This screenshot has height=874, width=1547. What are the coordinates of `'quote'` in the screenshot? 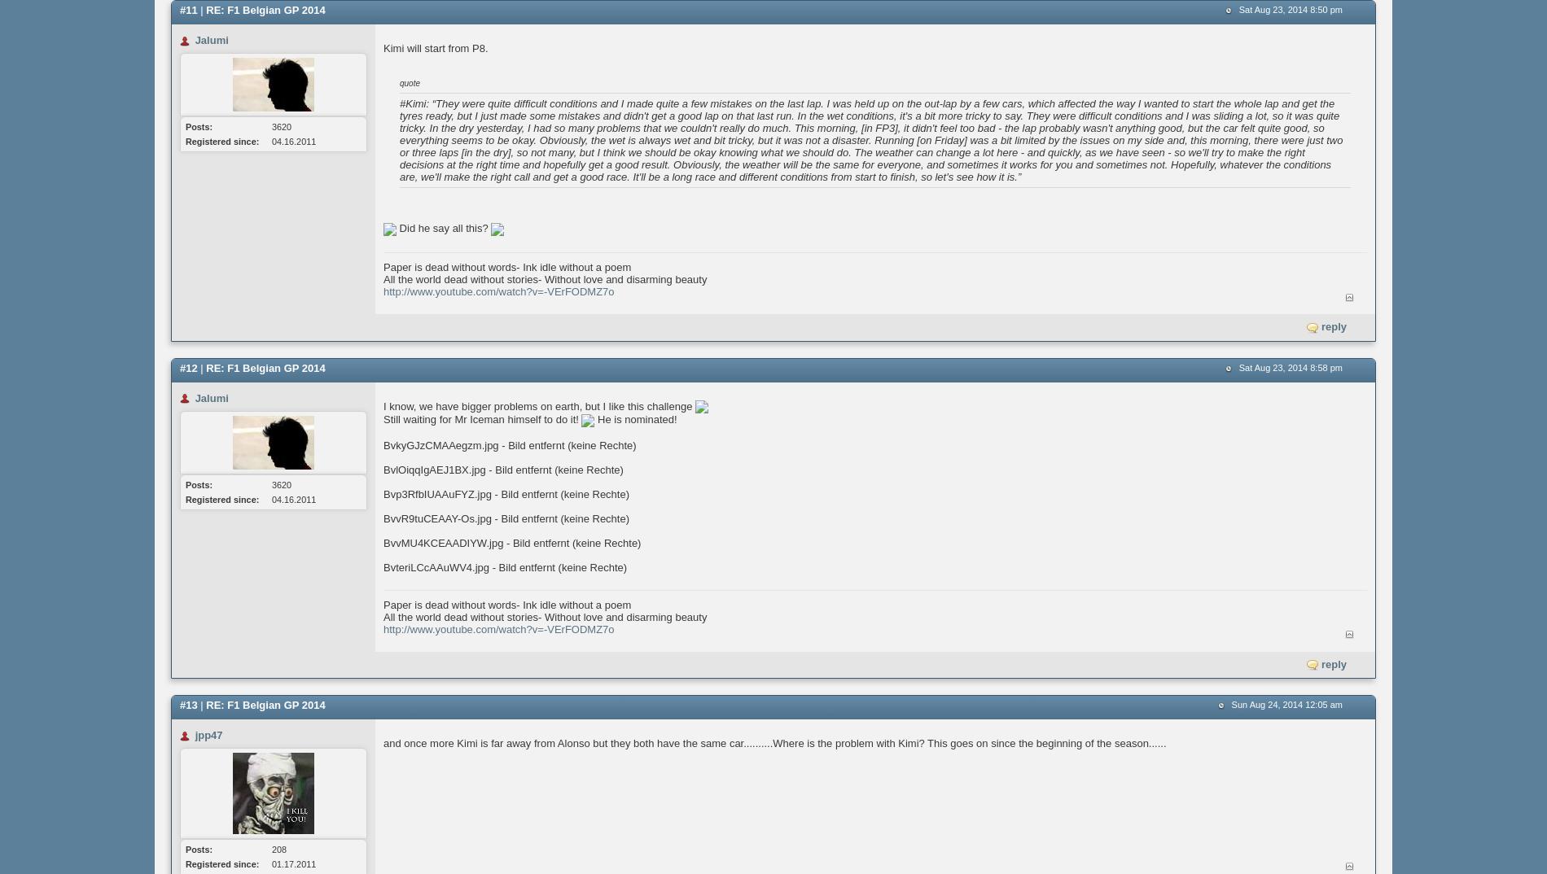 It's located at (410, 83).